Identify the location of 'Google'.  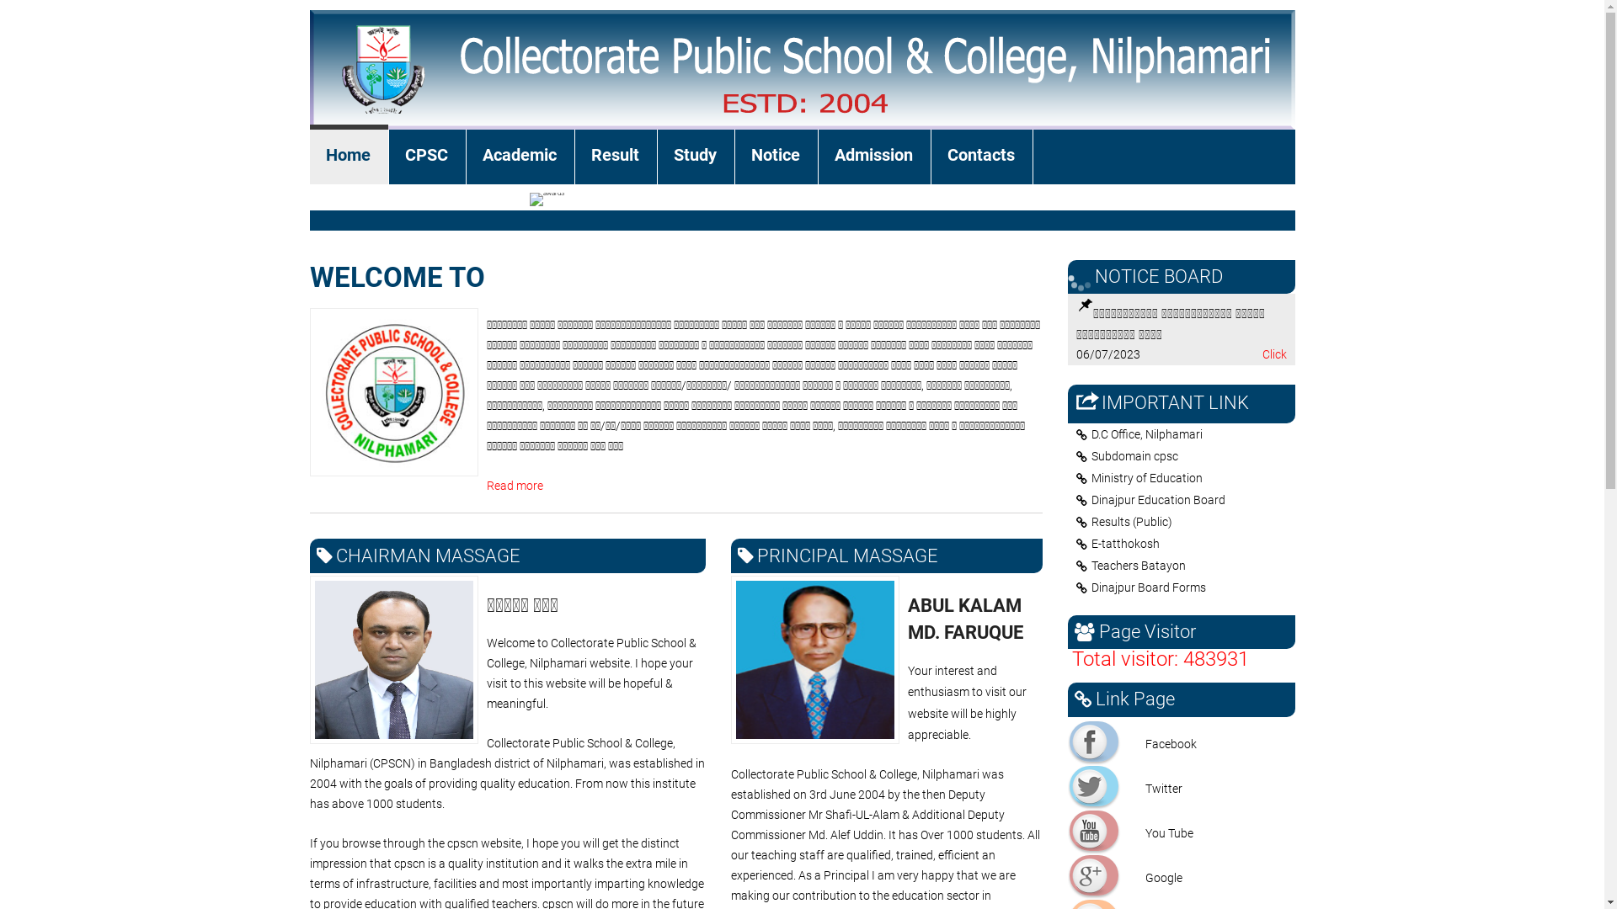
(1094, 874).